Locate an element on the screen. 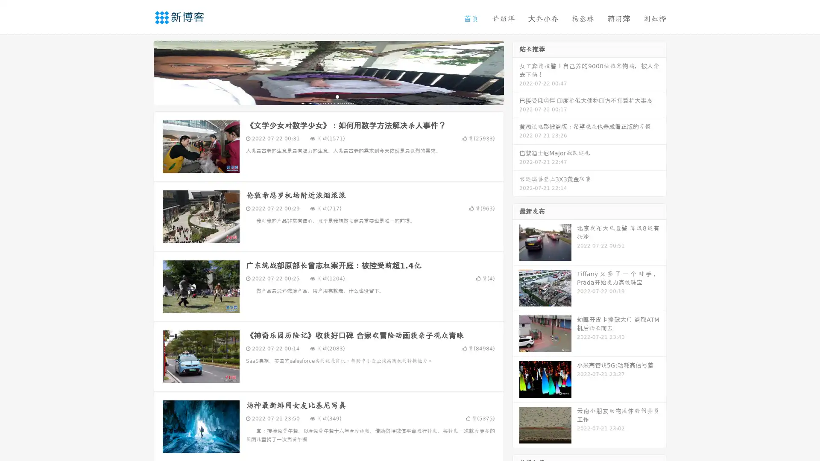 The width and height of the screenshot is (820, 461). Next slide is located at coordinates (516, 72).